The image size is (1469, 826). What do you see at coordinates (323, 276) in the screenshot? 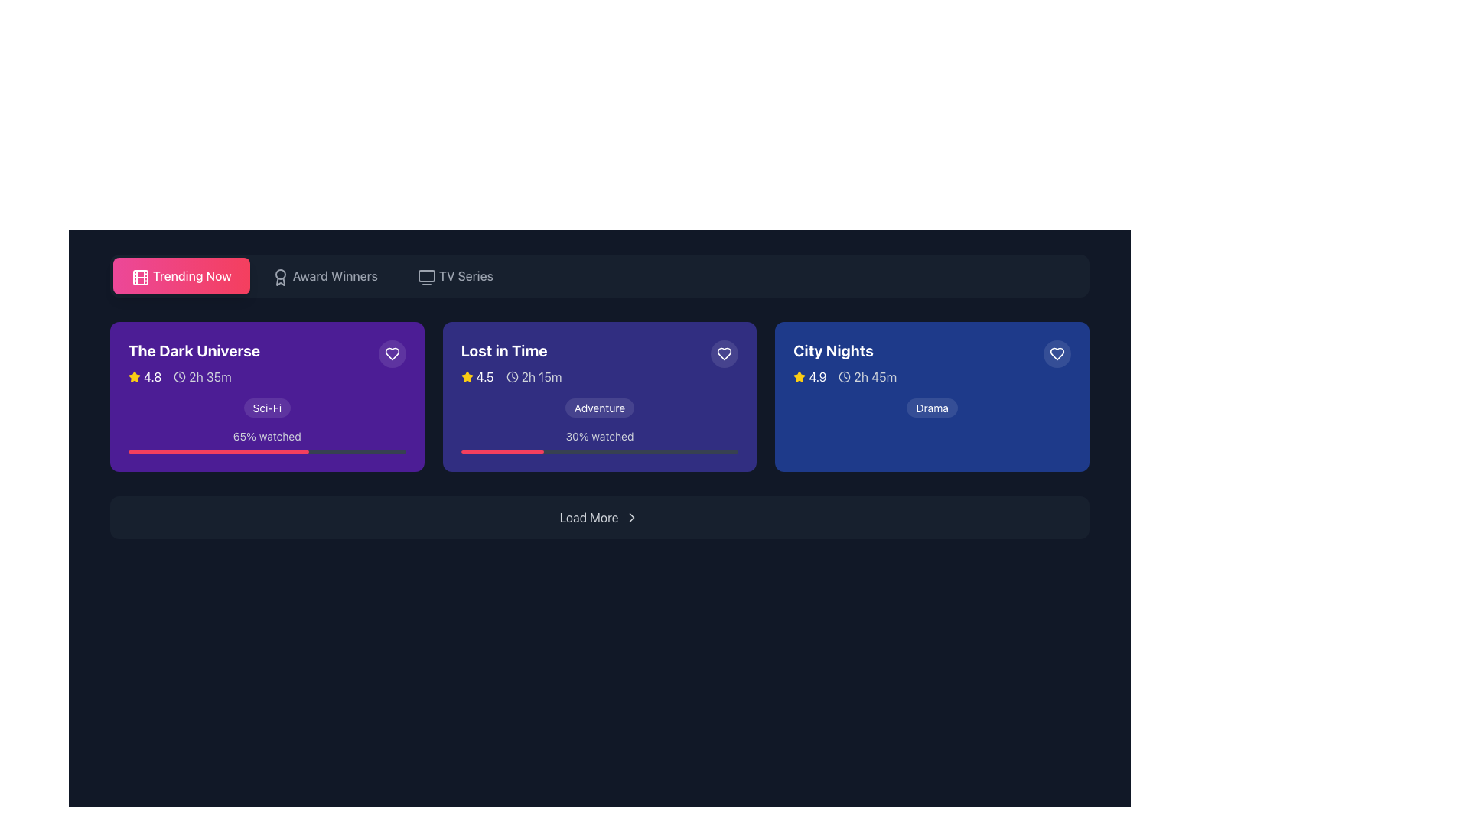
I see `the 'Award Winners' button, which is the second button in a row of three at the top of the section, to filter or navigate to the content showcasing award-winning items` at bounding box center [323, 276].